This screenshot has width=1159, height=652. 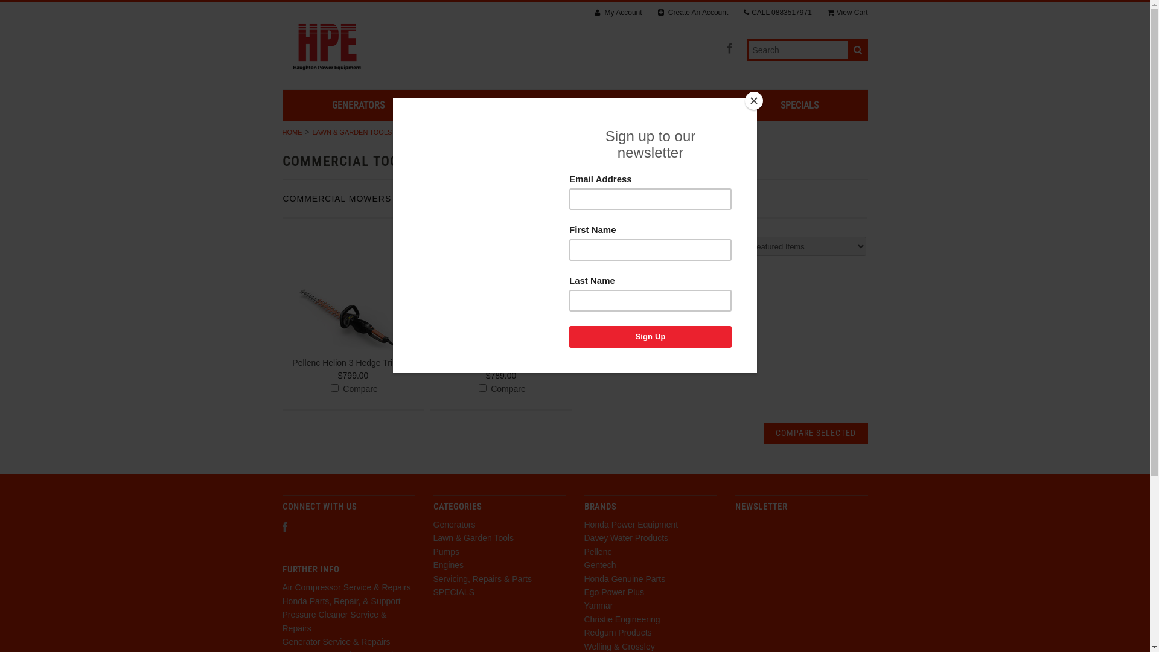 What do you see at coordinates (330, 388) in the screenshot?
I see `'904'` at bounding box center [330, 388].